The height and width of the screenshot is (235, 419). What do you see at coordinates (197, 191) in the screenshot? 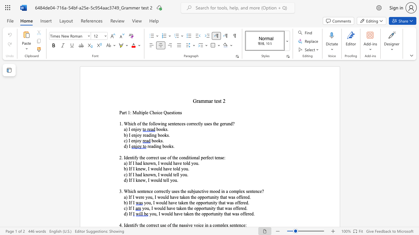
I see `the subset text "nctive mood in a complex sen" within the text "3. Which sentence correctly uses the subjunctive mood in a complex sentence?"` at bounding box center [197, 191].